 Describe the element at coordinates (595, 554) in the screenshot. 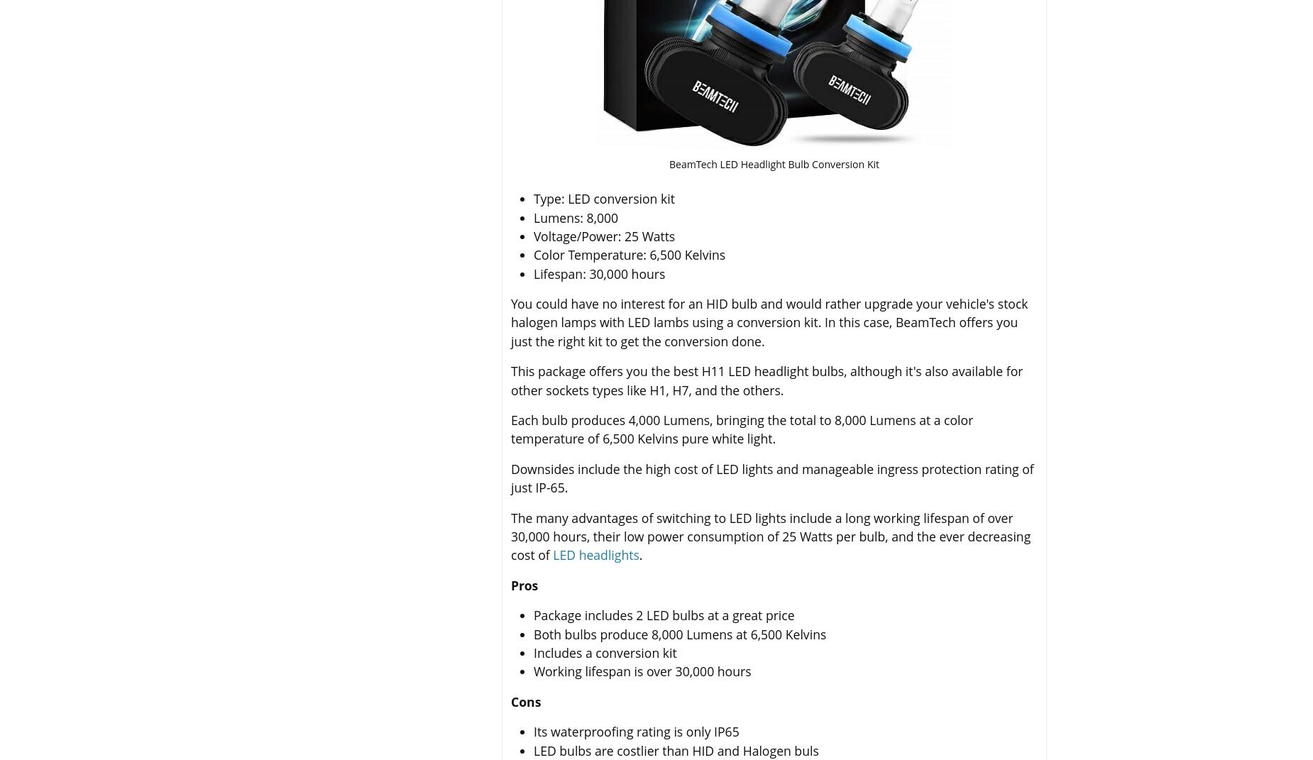

I see `'LED headlights'` at that location.